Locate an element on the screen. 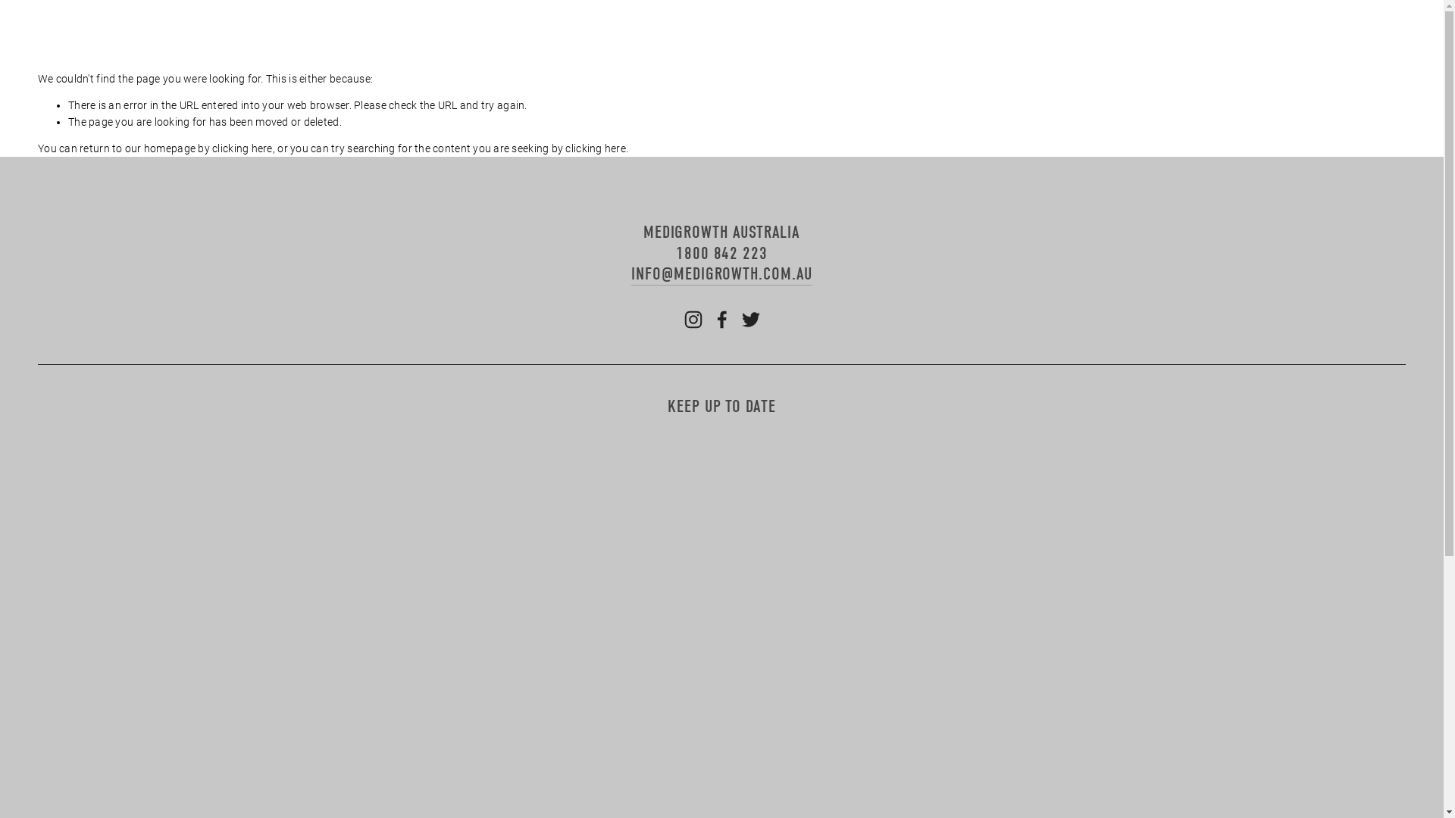 The image size is (1455, 818). 'INFO@MEDIGROWTH.COM.AU' is located at coordinates (720, 274).